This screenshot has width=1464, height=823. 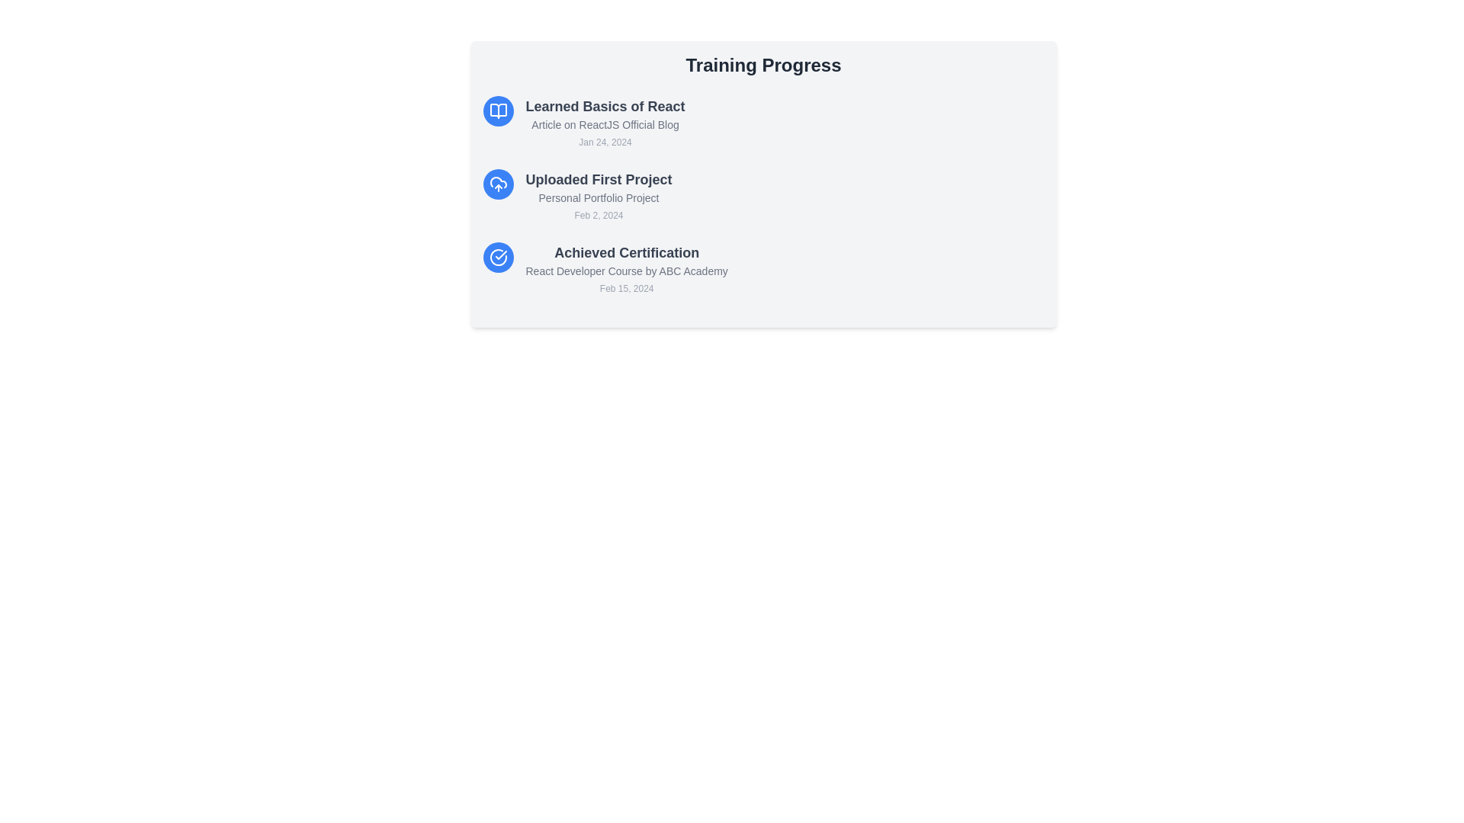 What do you see at coordinates (598, 196) in the screenshot?
I see `text display element that shows 'Uploaded First Project', 'Personal Portfolio Project', and 'Feb 2, 2024' located in the middle section of a vertical list` at bounding box center [598, 196].